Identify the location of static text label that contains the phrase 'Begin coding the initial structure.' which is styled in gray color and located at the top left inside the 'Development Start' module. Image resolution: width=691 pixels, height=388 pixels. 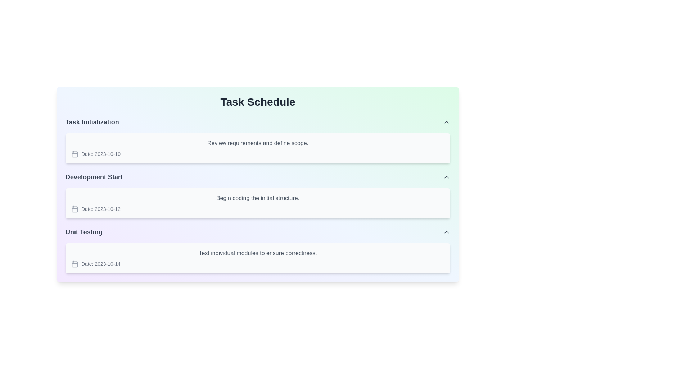
(258, 198).